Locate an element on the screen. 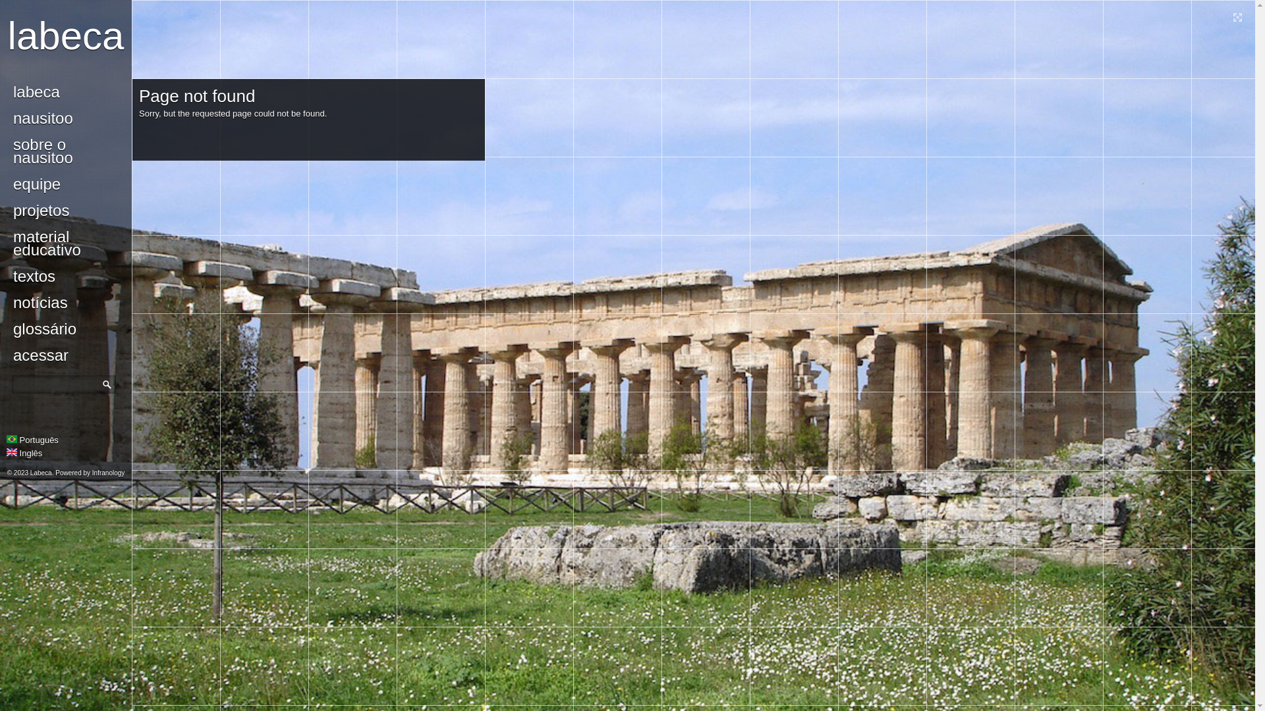 The height and width of the screenshot is (711, 1265). 'equipe' is located at coordinates (65, 184).